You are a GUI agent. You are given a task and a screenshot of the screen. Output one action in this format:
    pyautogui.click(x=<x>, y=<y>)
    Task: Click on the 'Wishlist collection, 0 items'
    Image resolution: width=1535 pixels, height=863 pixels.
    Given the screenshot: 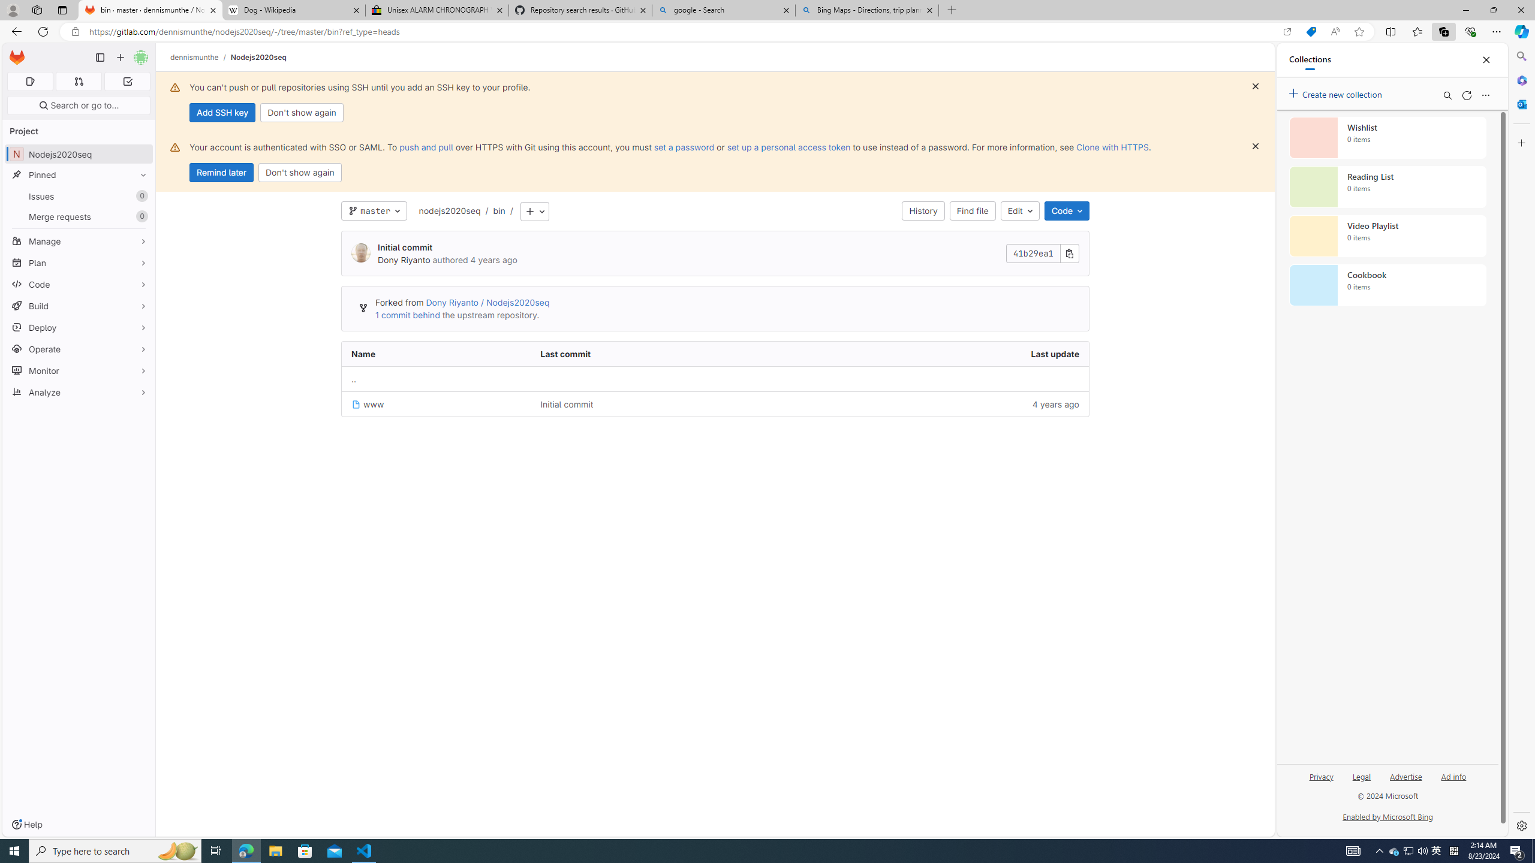 What is the action you would take?
    pyautogui.click(x=1387, y=137)
    